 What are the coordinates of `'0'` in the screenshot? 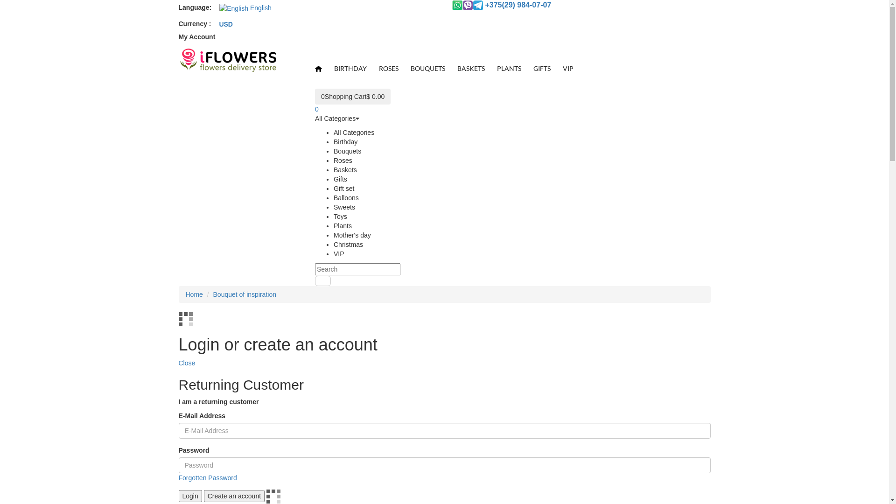 It's located at (315, 109).